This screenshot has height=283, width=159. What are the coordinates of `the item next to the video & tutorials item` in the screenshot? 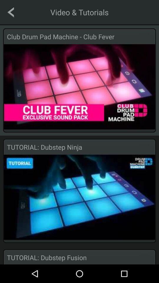 It's located at (11, 12).